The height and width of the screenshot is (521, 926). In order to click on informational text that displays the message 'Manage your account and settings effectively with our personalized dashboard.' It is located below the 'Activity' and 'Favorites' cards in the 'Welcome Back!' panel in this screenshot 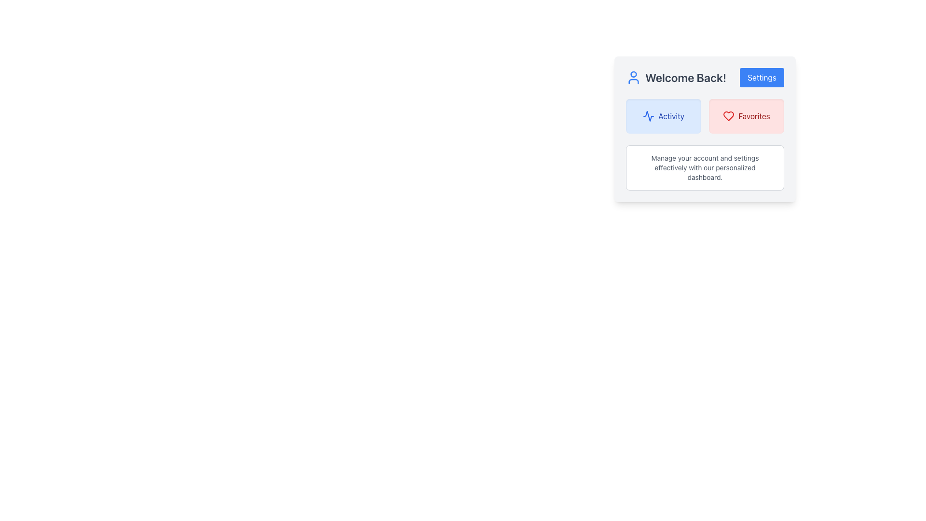, I will do `click(705, 167)`.